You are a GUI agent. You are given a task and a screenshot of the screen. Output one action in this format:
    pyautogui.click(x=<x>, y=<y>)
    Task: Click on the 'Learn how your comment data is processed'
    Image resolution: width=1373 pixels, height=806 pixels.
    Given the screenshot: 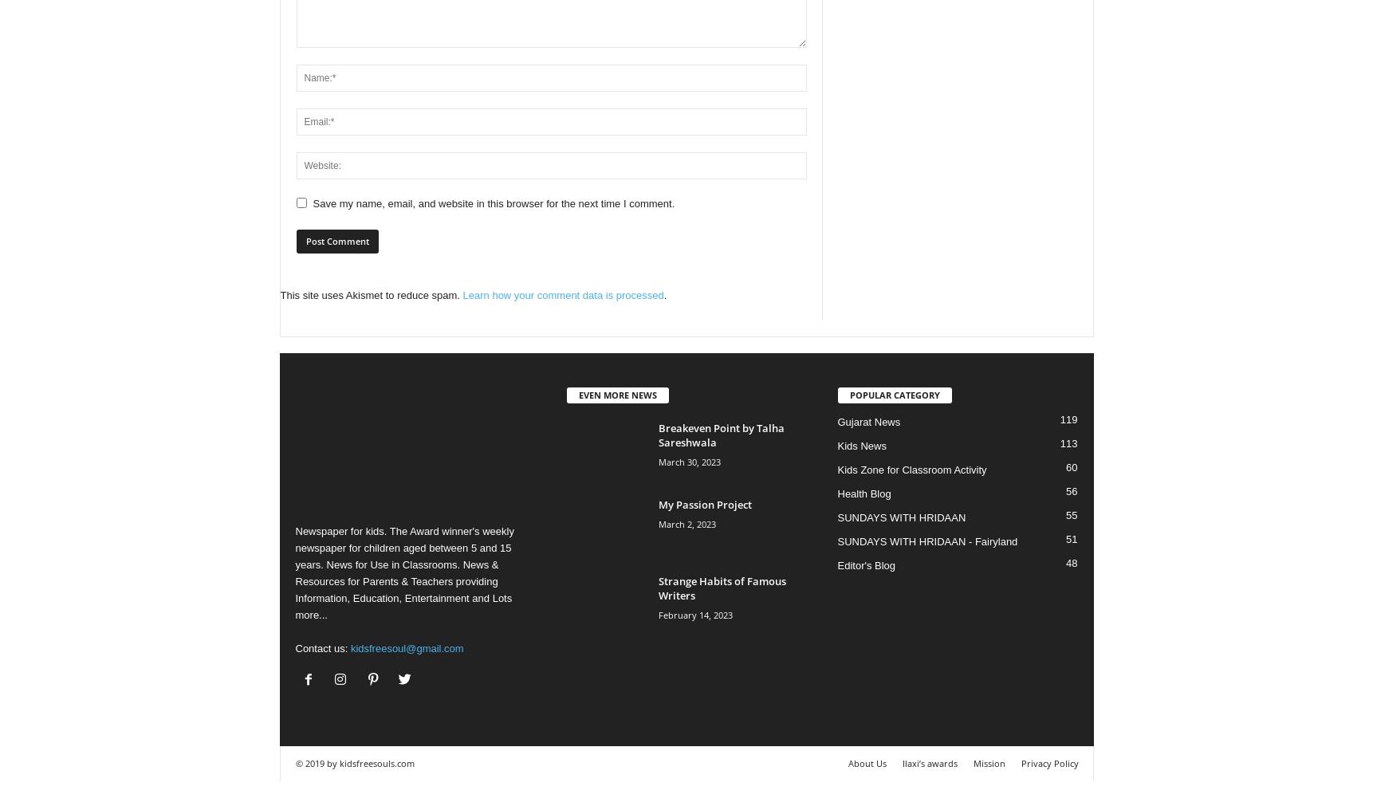 What is the action you would take?
    pyautogui.click(x=562, y=293)
    